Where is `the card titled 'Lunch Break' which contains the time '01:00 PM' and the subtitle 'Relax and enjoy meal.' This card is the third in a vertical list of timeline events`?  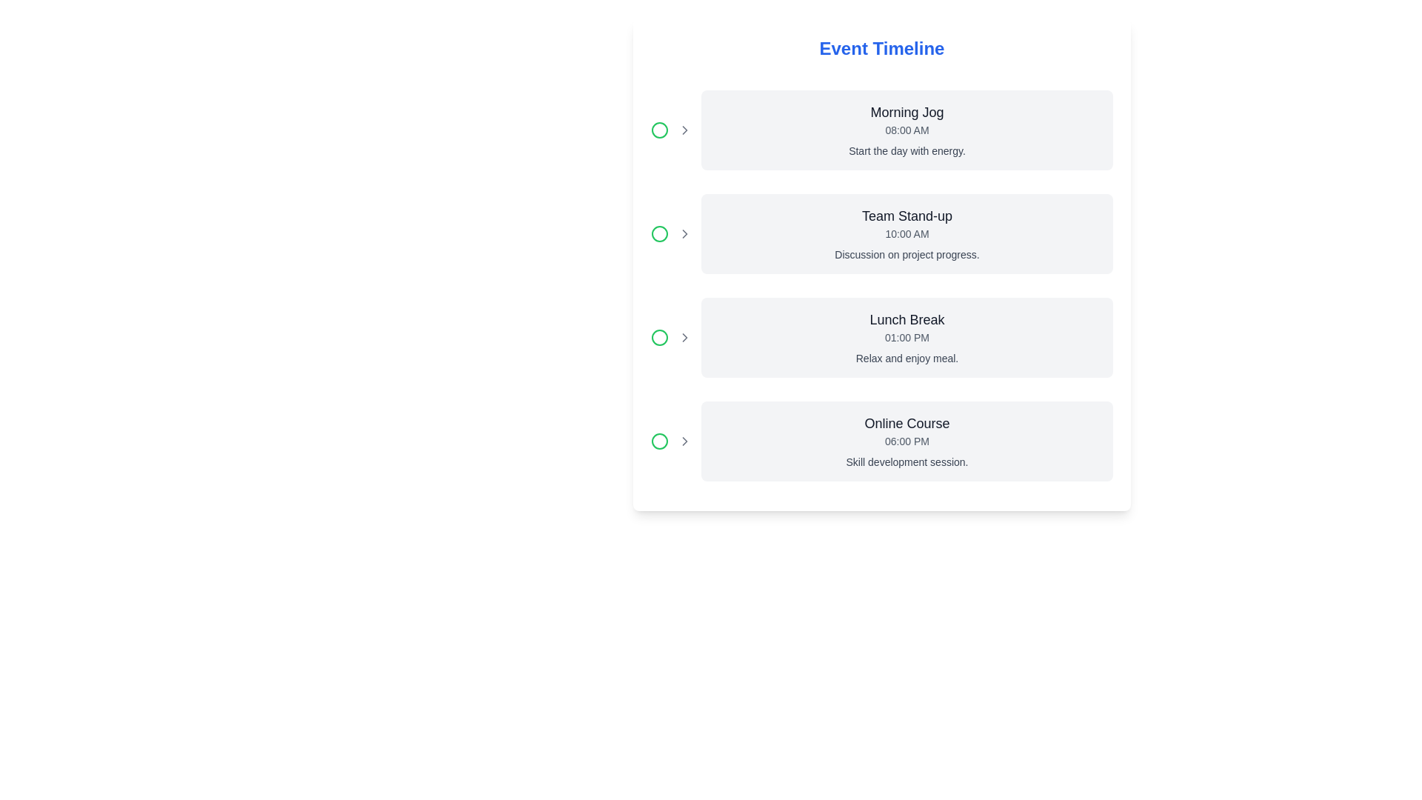
the card titled 'Lunch Break' which contains the time '01:00 PM' and the subtitle 'Relax and enjoy meal.' This card is the third in a vertical list of timeline events is located at coordinates (881, 337).